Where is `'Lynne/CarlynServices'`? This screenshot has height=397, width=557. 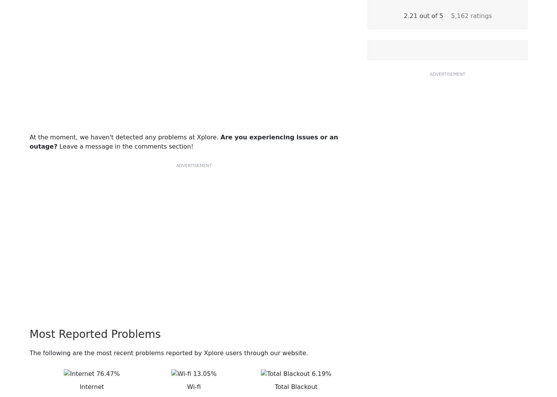
'Lynne/CarlynServices' is located at coordinates (88, 162).